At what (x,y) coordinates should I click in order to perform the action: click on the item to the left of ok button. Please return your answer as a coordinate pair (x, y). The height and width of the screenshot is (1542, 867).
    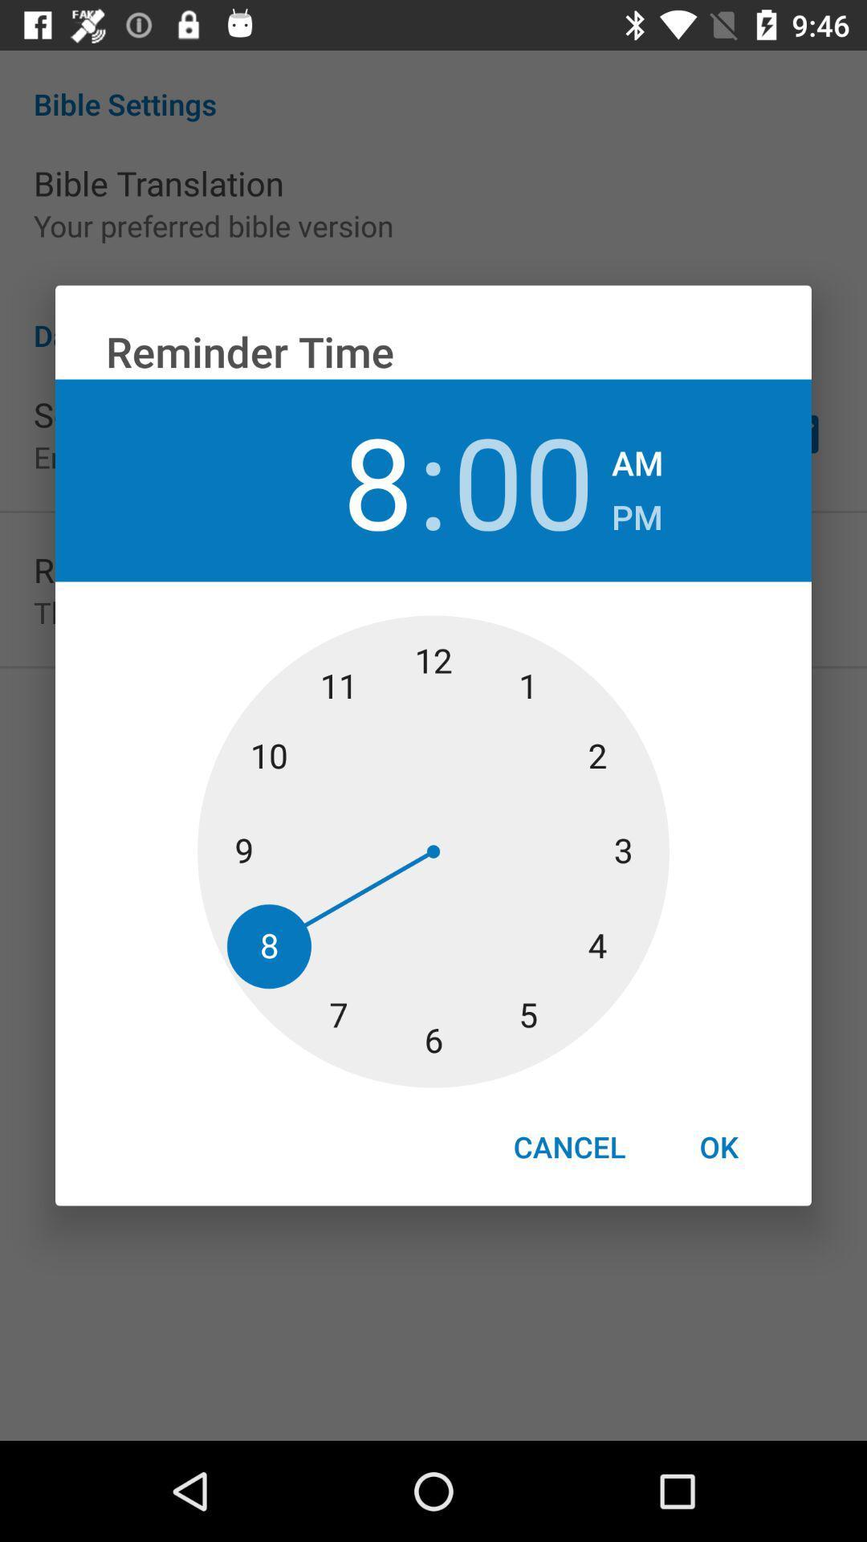
    Looking at the image, I should click on (568, 1146).